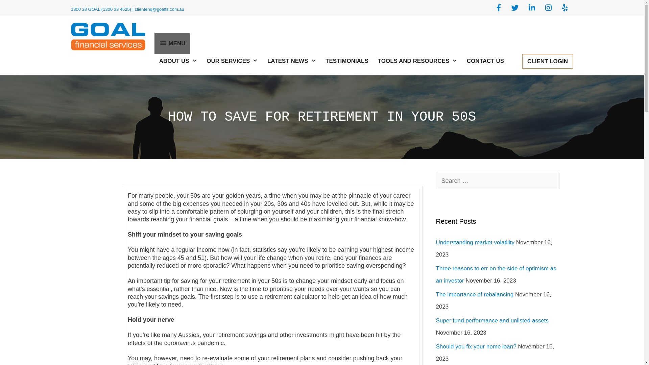 Image resolution: width=649 pixels, height=365 pixels. Describe the element at coordinates (159, 9) in the screenshot. I see `'clientenq@goalfs.com.au'` at that location.